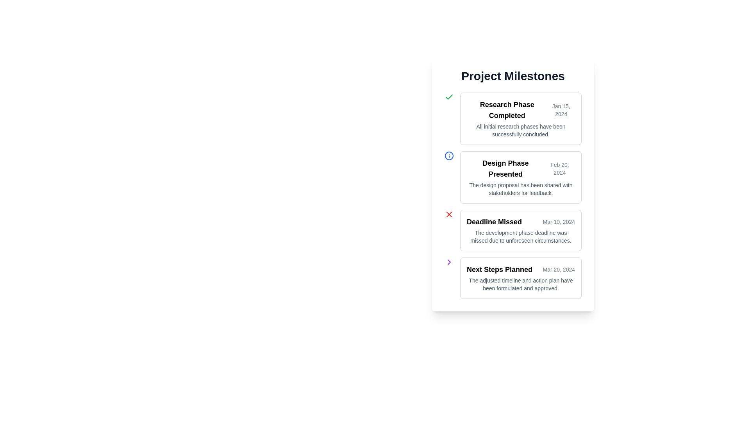 The image size is (750, 422). What do you see at coordinates (449, 214) in the screenshot?
I see `the error indicator icon positioned to the left of the 'Deadline Missed' milestone entry` at bounding box center [449, 214].